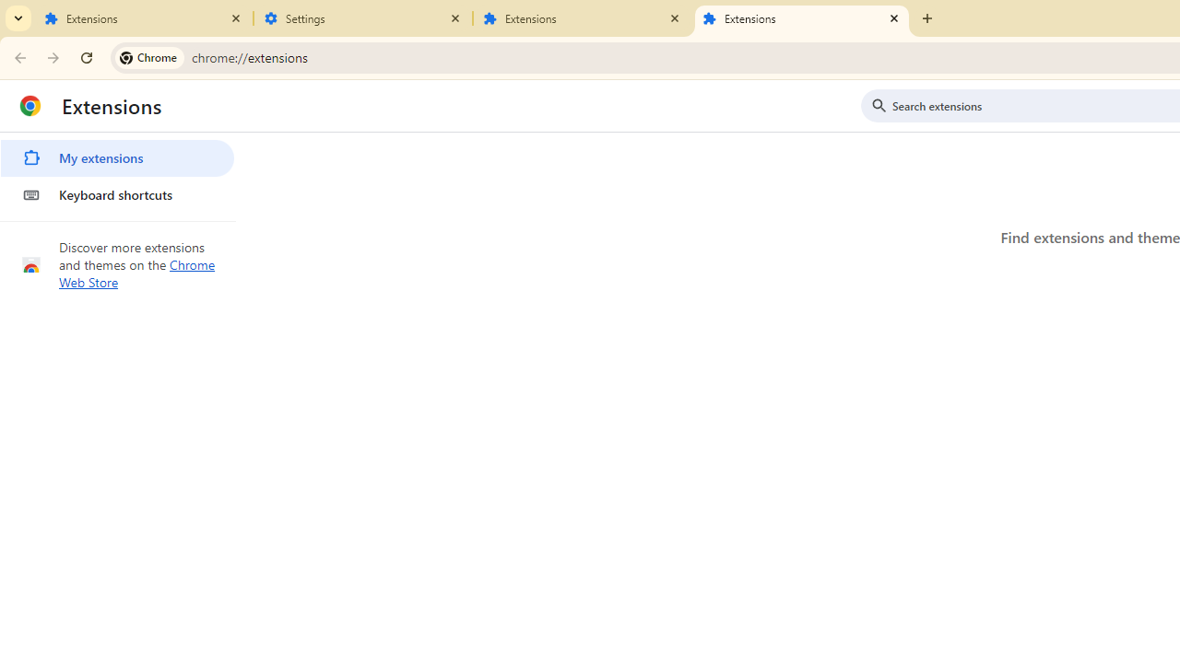  I want to click on 'My extensions', so click(116, 157).